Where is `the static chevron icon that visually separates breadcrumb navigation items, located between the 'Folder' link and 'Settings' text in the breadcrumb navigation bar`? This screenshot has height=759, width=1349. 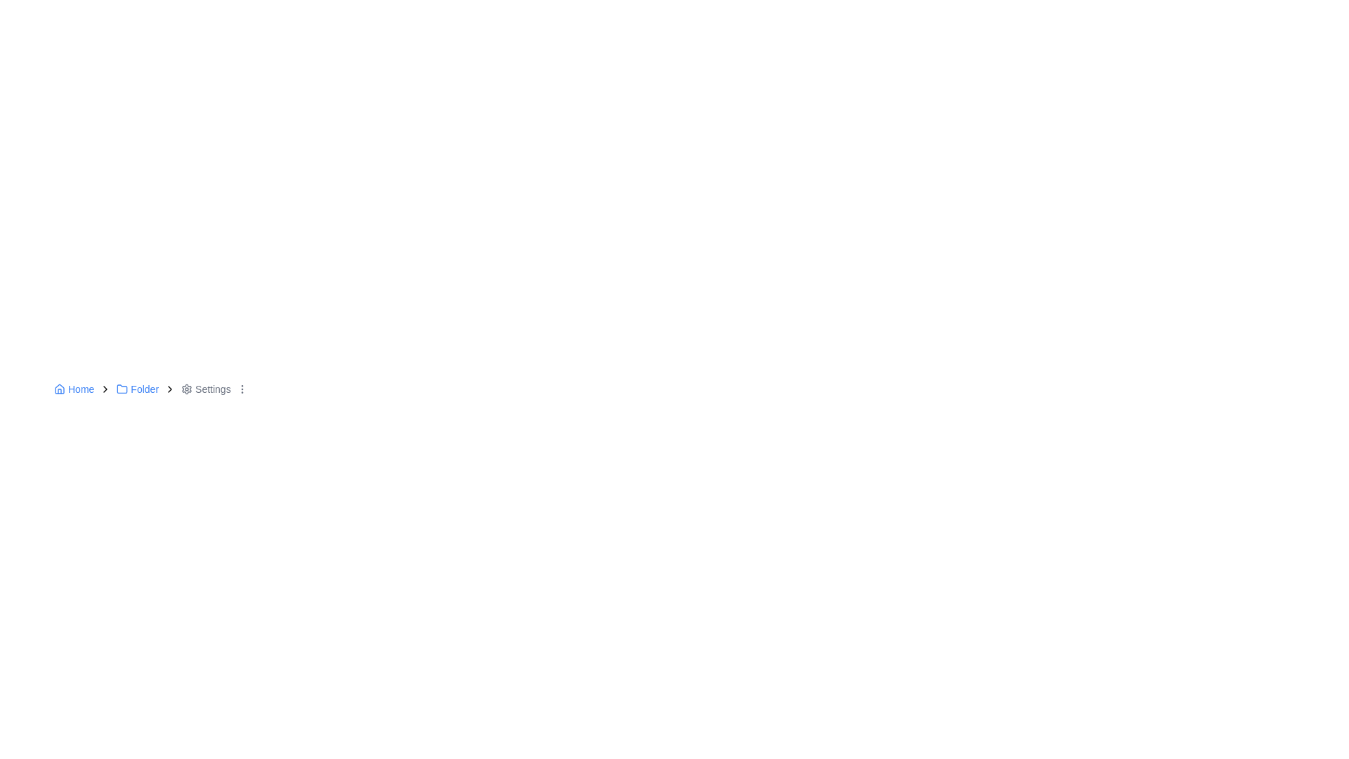
the static chevron icon that visually separates breadcrumb navigation items, located between the 'Folder' link and 'Settings' text in the breadcrumb navigation bar is located at coordinates (169, 389).